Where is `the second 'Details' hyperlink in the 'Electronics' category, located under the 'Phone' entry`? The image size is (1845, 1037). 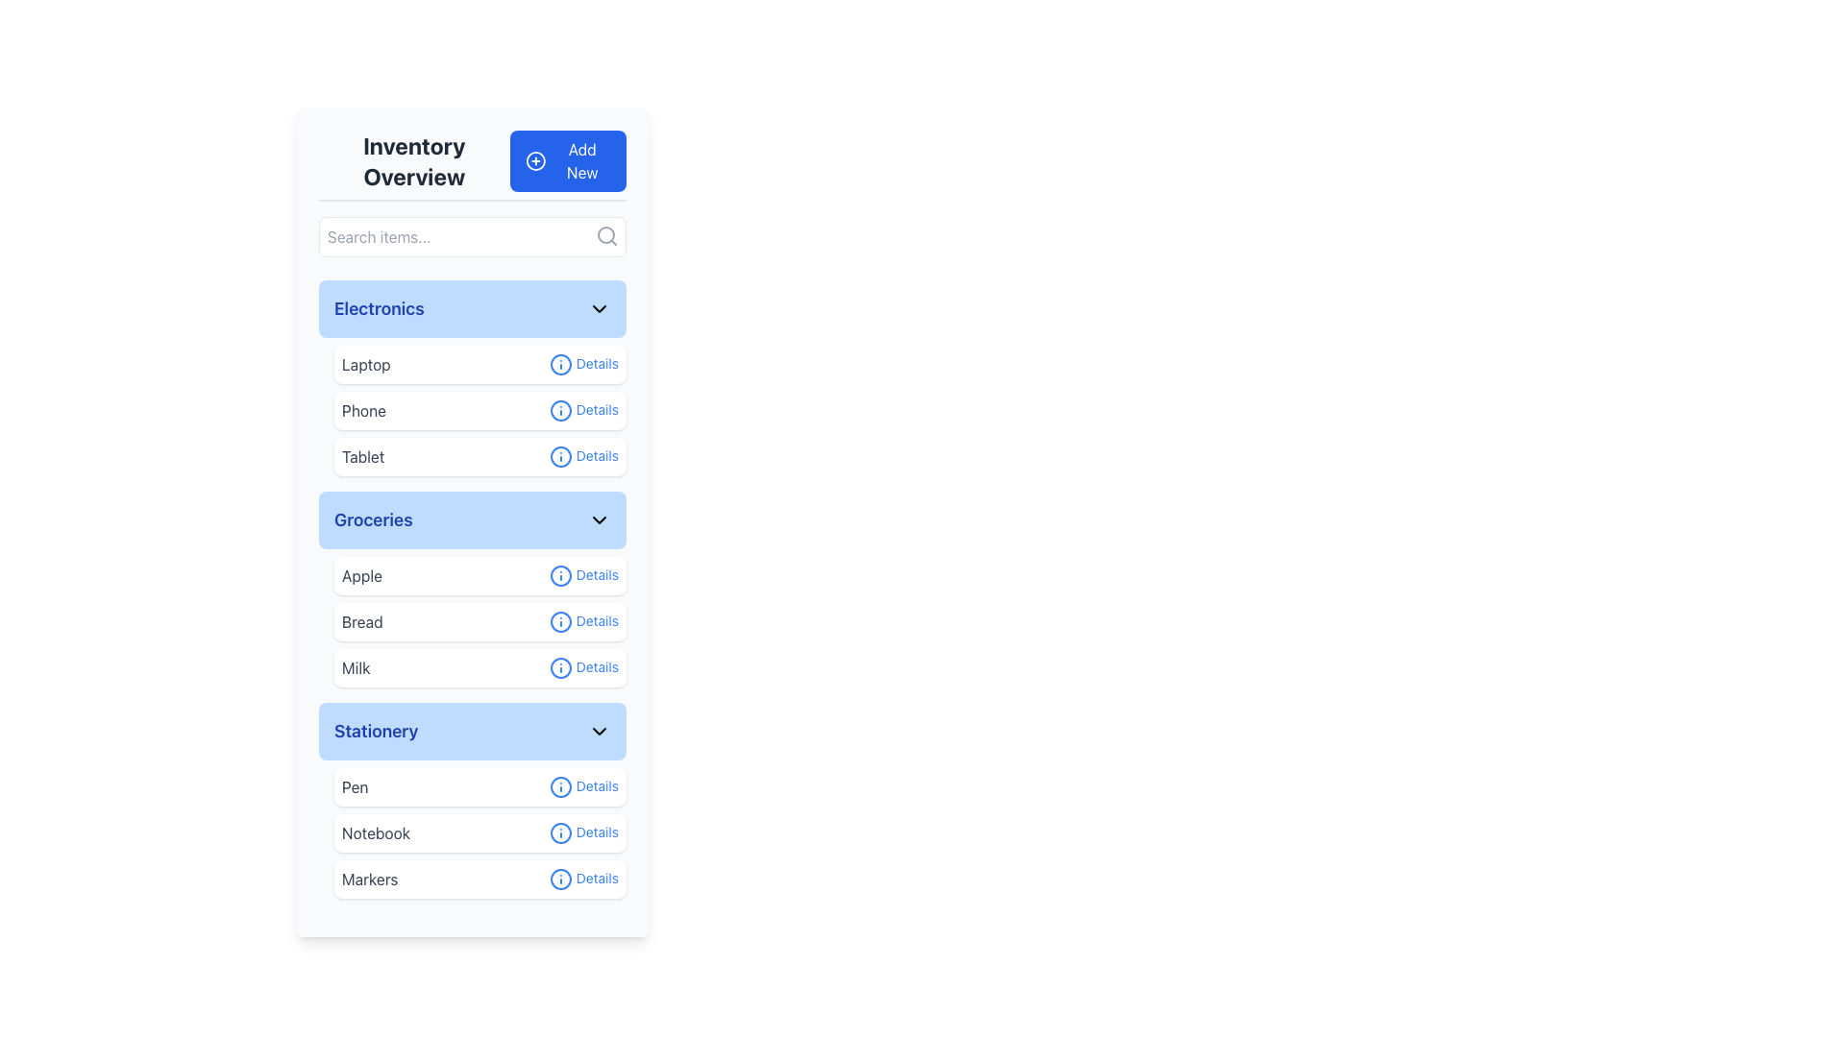
the second 'Details' hyperlink in the 'Electronics' category, located under the 'Phone' entry is located at coordinates (582, 410).